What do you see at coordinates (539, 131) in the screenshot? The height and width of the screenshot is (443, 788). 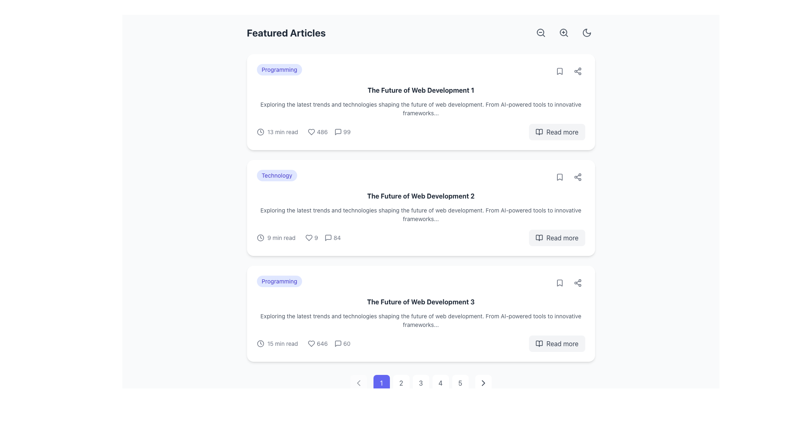 I see `the 'Read more' button that is located to the right of the open book icon, which is part of a vertically-stacked list of article summaries` at bounding box center [539, 131].